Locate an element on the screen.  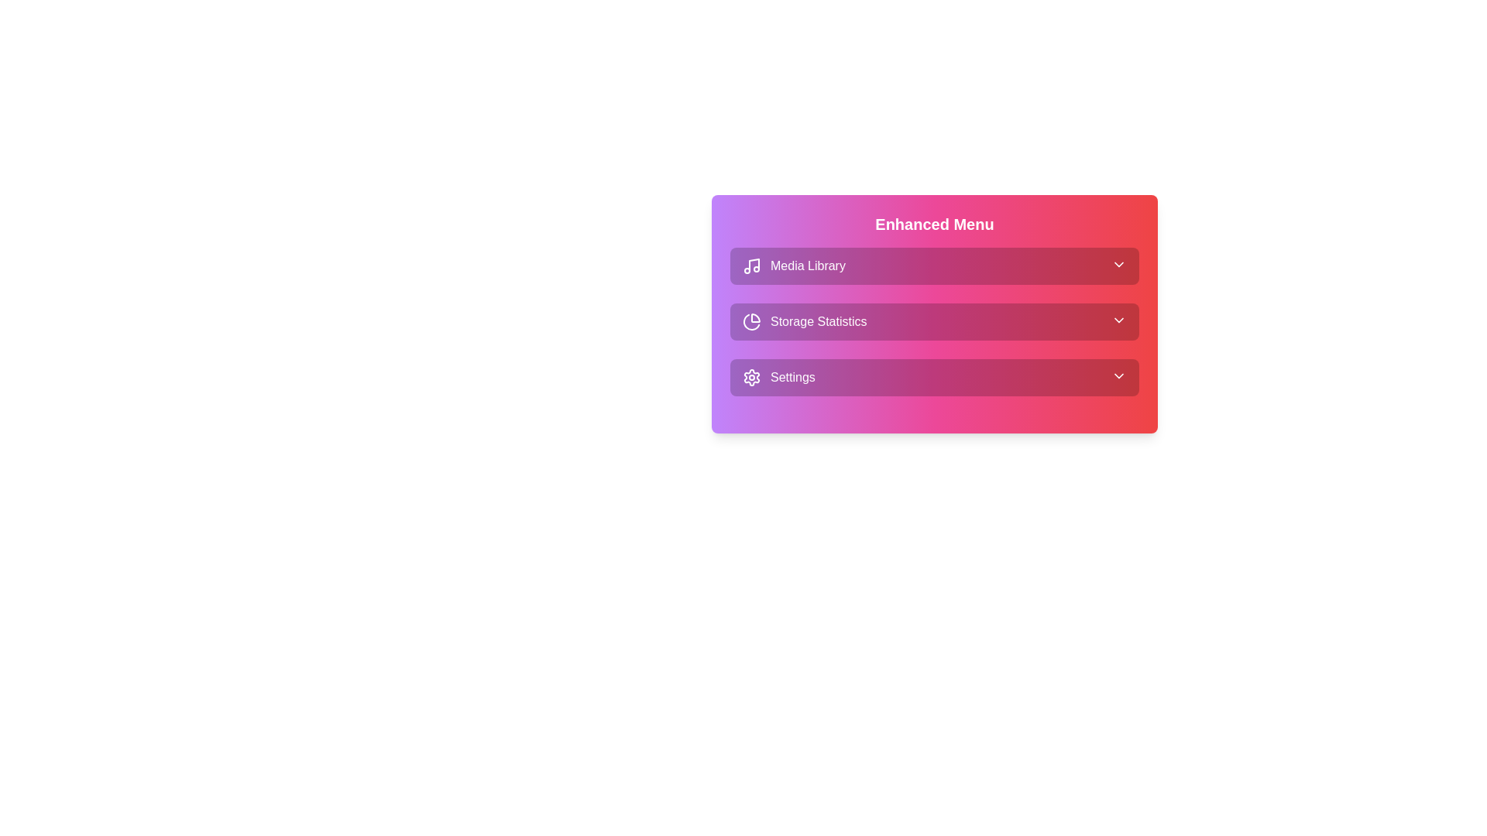
the 'Settings' interactive text label with a gear icon, which is the third item in a vertically stacked list within a gradient panel is located at coordinates (778, 378).